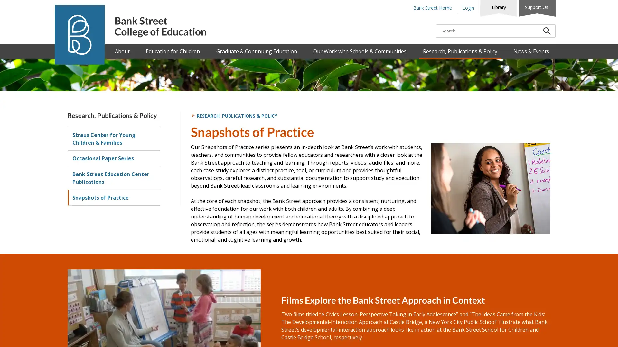 This screenshot has height=347, width=618. What do you see at coordinates (531, 51) in the screenshot?
I see `News & Events` at bounding box center [531, 51].